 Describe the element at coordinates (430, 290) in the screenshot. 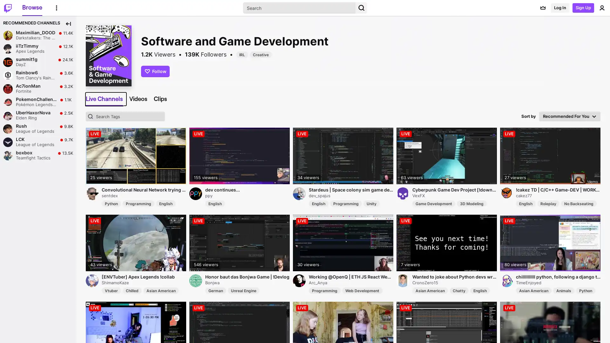

I see `Asian American` at that location.